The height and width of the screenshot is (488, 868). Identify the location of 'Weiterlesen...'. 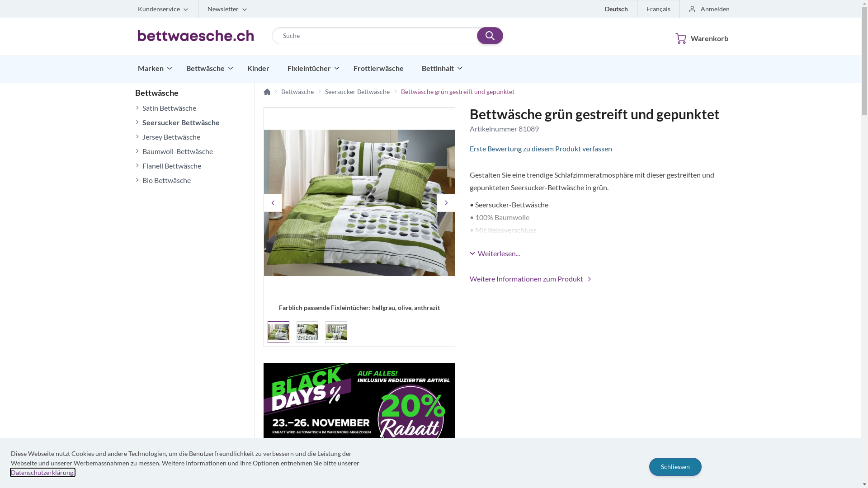
(494, 253).